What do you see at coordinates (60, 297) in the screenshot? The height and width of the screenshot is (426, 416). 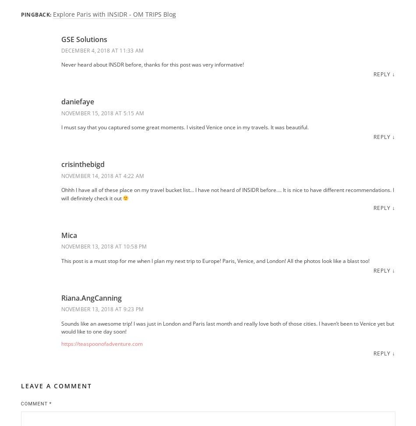 I see `'Riana.AngCanning'` at bounding box center [60, 297].